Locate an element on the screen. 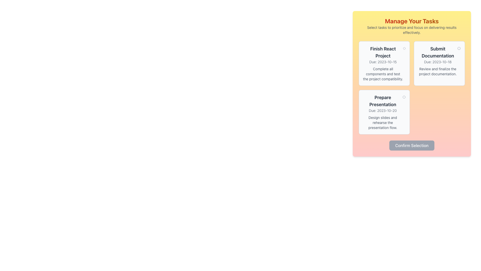 The width and height of the screenshot is (481, 271). the title Text Block located in the top row, second column of the task selection interface to highlight the associated task is located at coordinates (437, 52).